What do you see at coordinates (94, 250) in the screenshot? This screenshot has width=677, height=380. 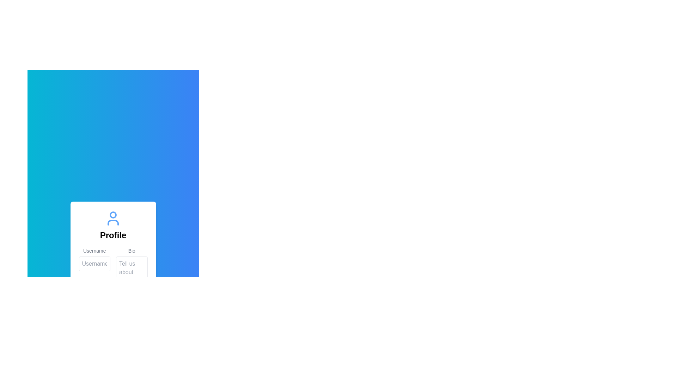 I see `the static text label that provides context for the 'Username' input field` at bounding box center [94, 250].